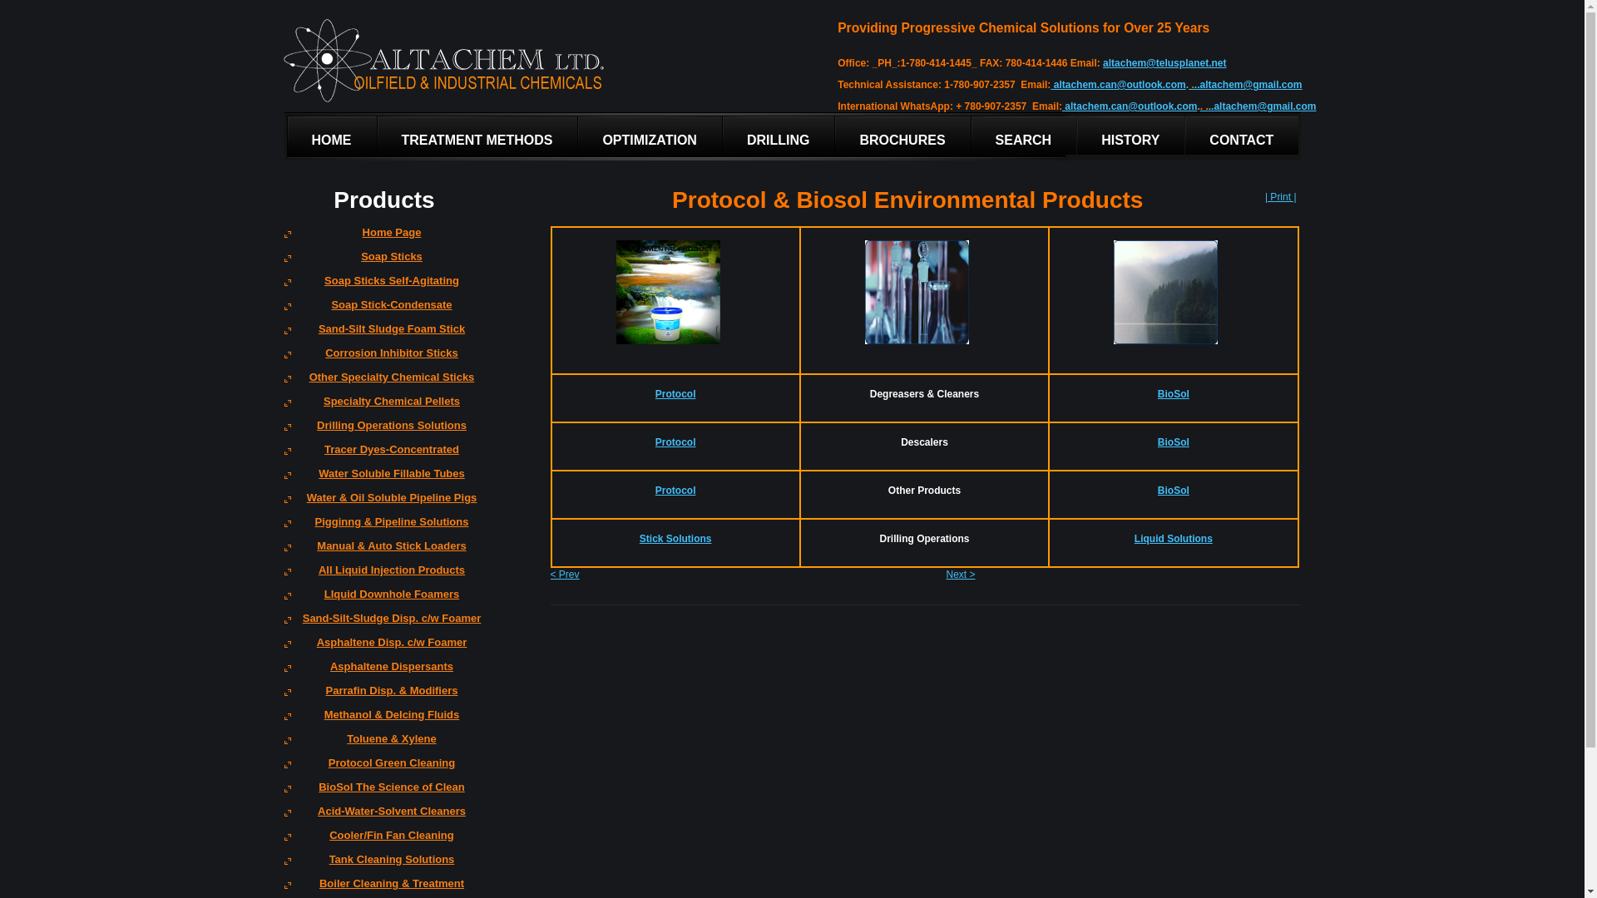 The width and height of the screenshot is (1597, 898). Describe the element at coordinates (383, 382) in the screenshot. I see `'Other Specialty Chemical Sticks'` at that location.